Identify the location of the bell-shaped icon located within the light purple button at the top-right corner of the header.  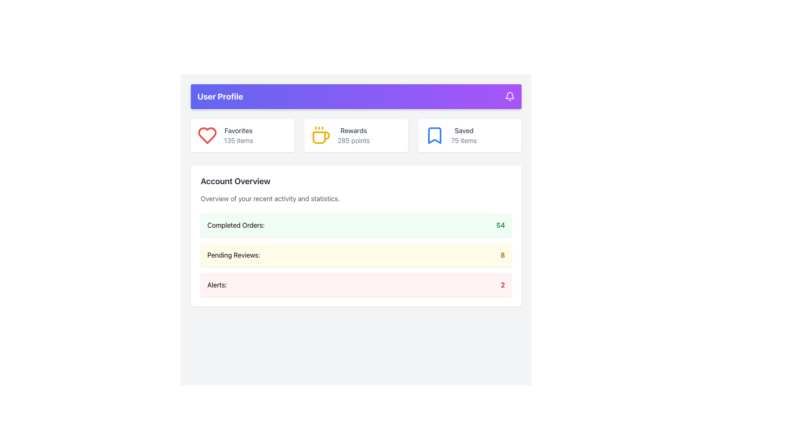
(510, 95).